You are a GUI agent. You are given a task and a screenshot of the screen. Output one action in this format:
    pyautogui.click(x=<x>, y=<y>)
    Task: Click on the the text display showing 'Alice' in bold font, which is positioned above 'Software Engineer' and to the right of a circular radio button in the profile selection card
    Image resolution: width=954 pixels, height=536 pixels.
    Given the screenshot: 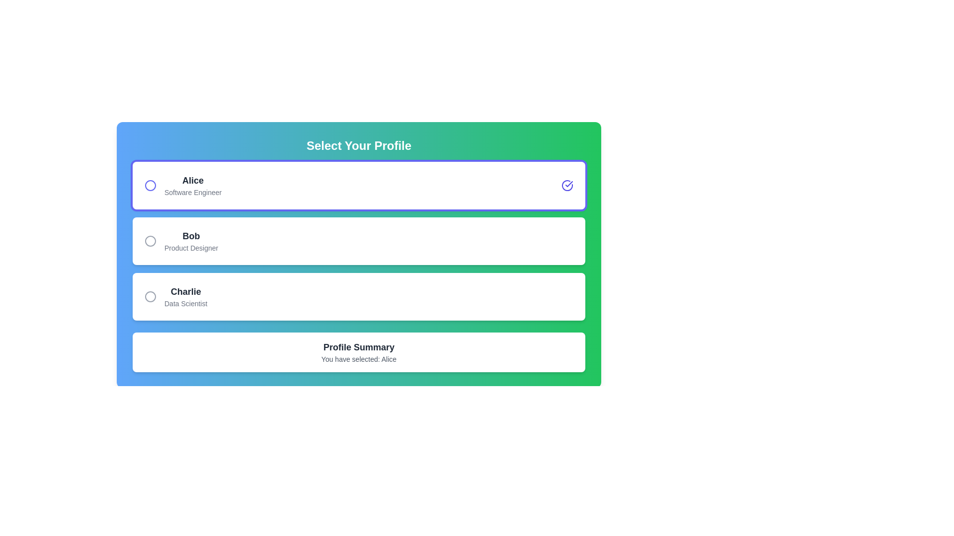 What is the action you would take?
    pyautogui.click(x=193, y=180)
    